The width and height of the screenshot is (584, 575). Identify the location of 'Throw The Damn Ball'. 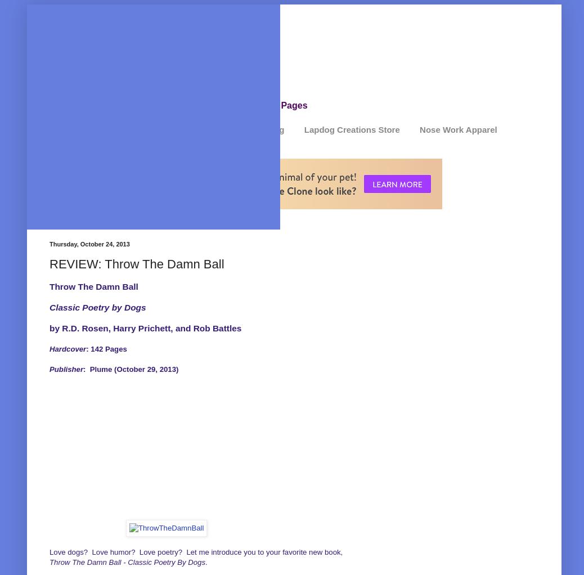
(93, 286).